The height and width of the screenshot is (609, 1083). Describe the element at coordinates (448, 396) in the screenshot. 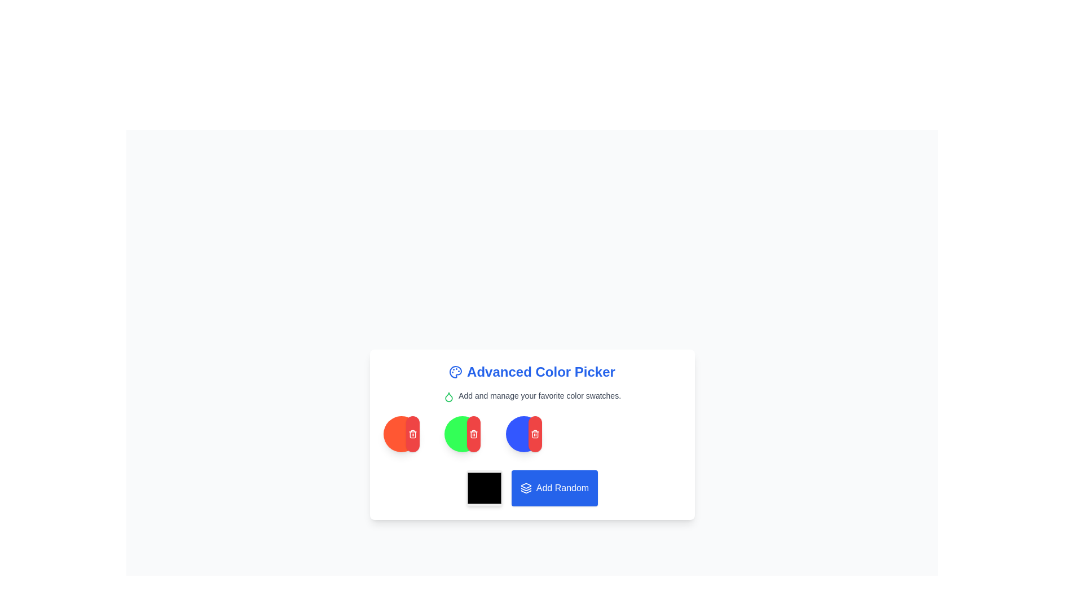

I see `the green droplet-shaped icon located to the left of the text 'Add and manage your favorite color swatches.'` at that location.